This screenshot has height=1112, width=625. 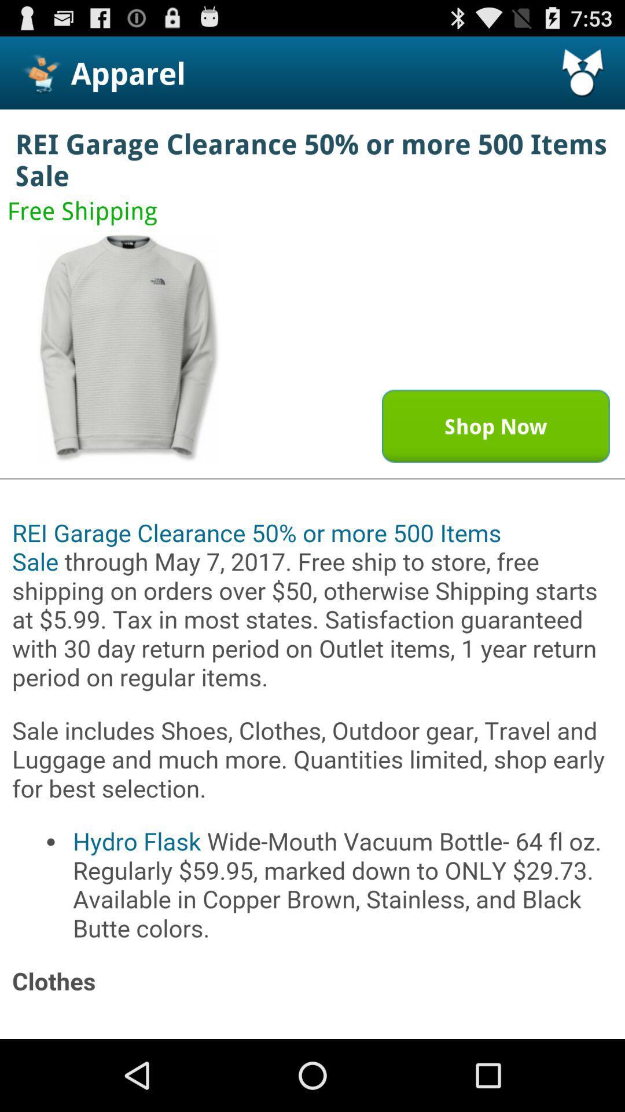 What do you see at coordinates (129, 348) in the screenshot?
I see `open photo` at bounding box center [129, 348].